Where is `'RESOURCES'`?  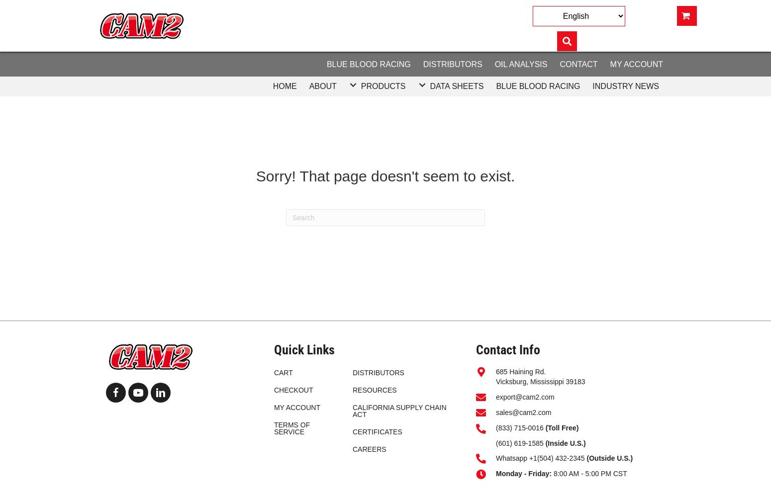 'RESOURCES' is located at coordinates (374, 390).